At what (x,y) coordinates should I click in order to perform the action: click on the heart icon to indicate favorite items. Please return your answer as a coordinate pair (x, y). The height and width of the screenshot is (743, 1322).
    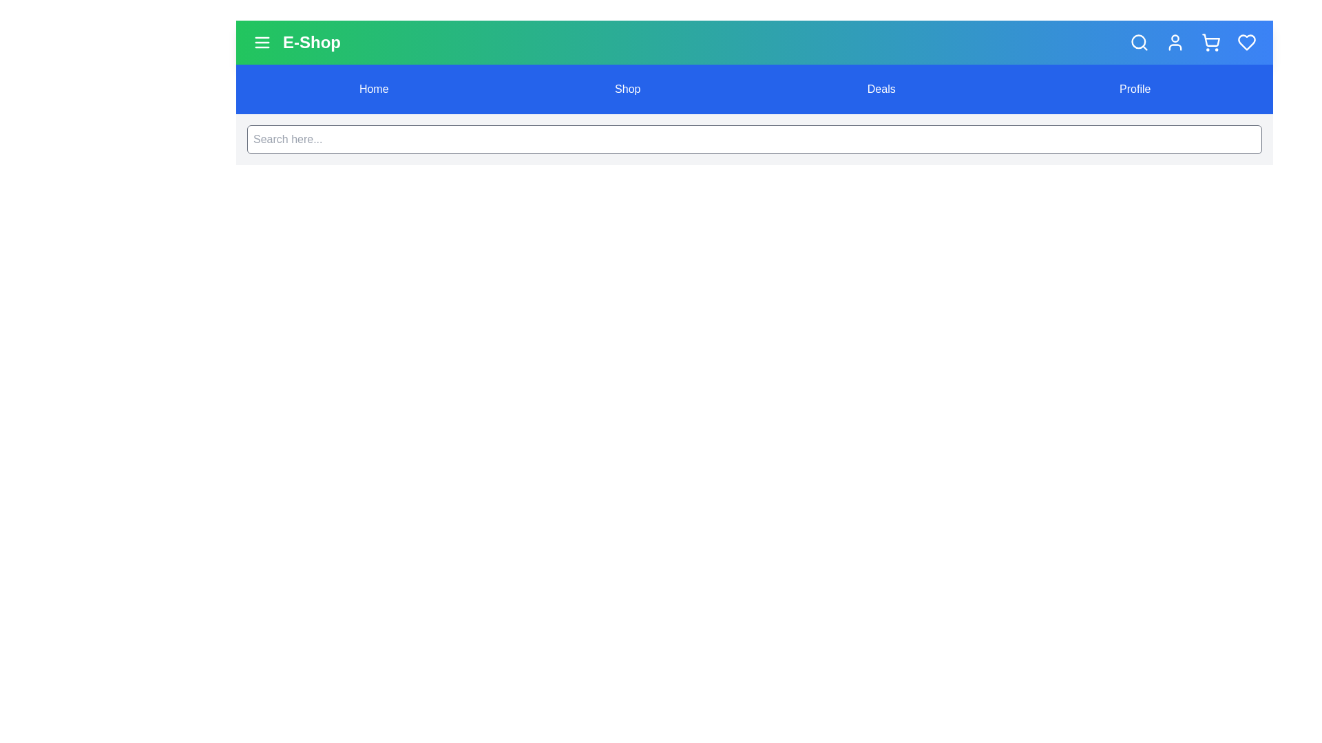
    Looking at the image, I should click on (1246, 41).